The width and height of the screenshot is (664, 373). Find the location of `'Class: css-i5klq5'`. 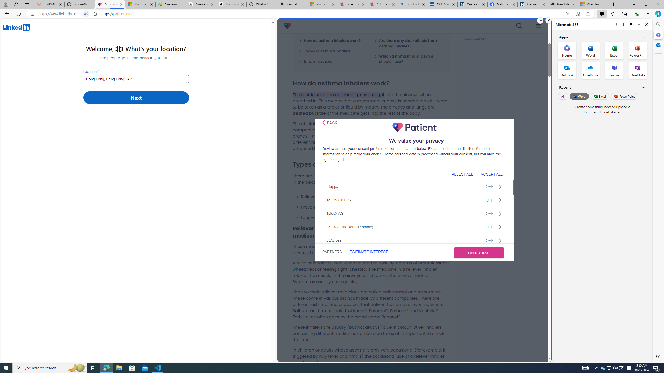

'Class: css-i5klq5' is located at coordinates (324, 122).